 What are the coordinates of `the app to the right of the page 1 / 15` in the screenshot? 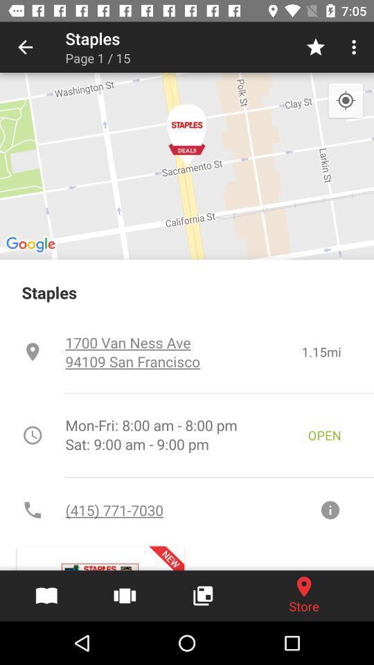 It's located at (315, 47).